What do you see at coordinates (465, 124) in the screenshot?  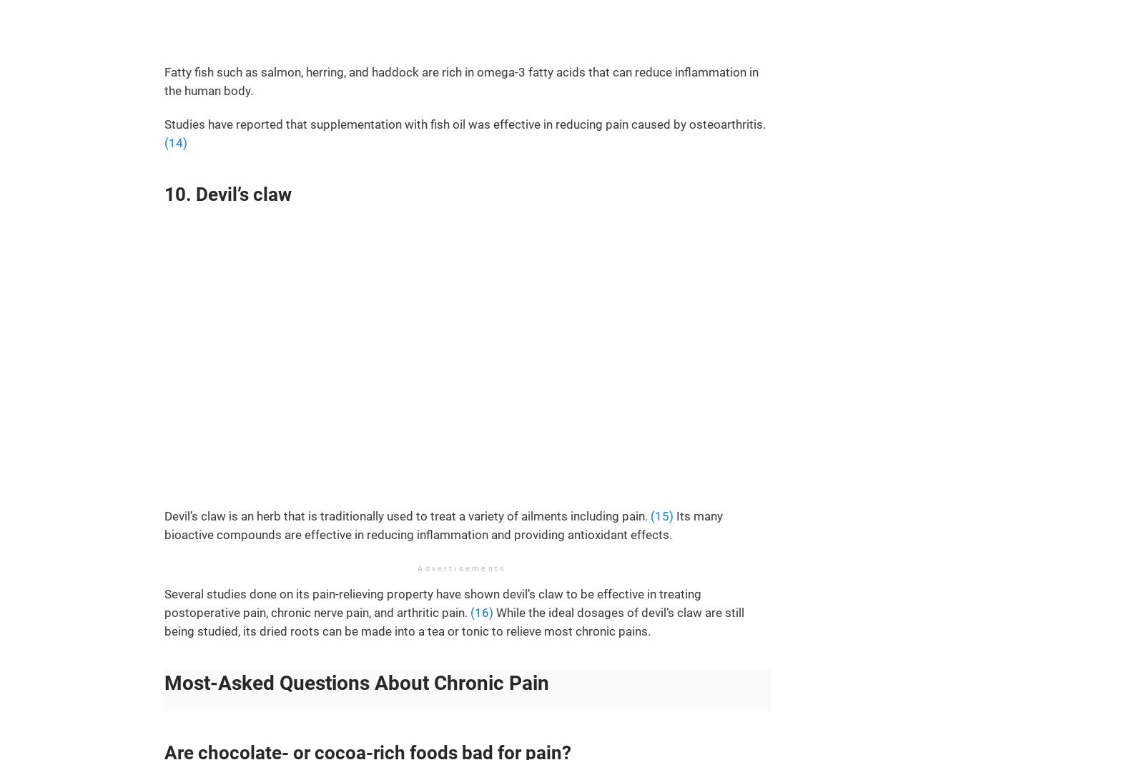 I see `'Studies have reported that supplementation with fish oil was effective in reducing pain caused by osteoarthritis.'` at bounding box center [465, 124].